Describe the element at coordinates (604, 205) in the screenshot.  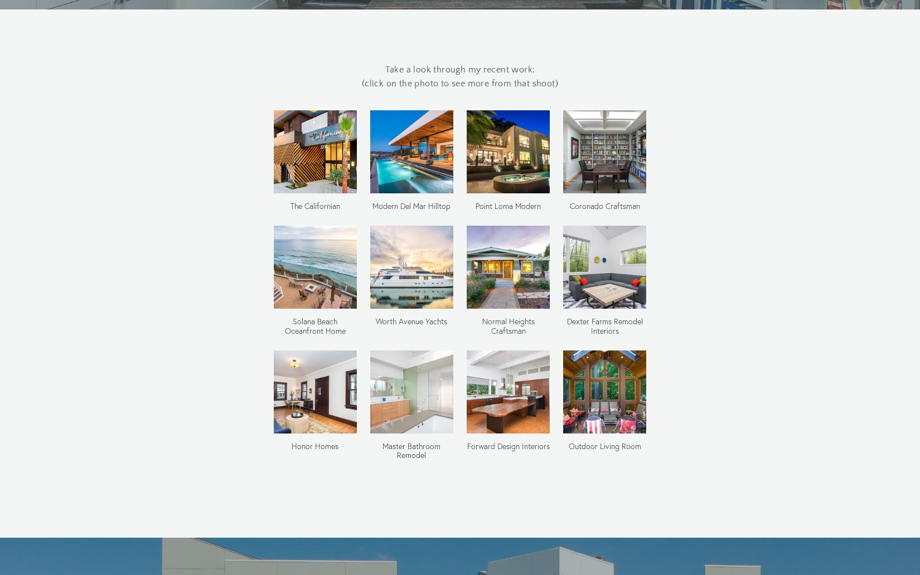
I see `'Coronado Craftsman'` at that location.